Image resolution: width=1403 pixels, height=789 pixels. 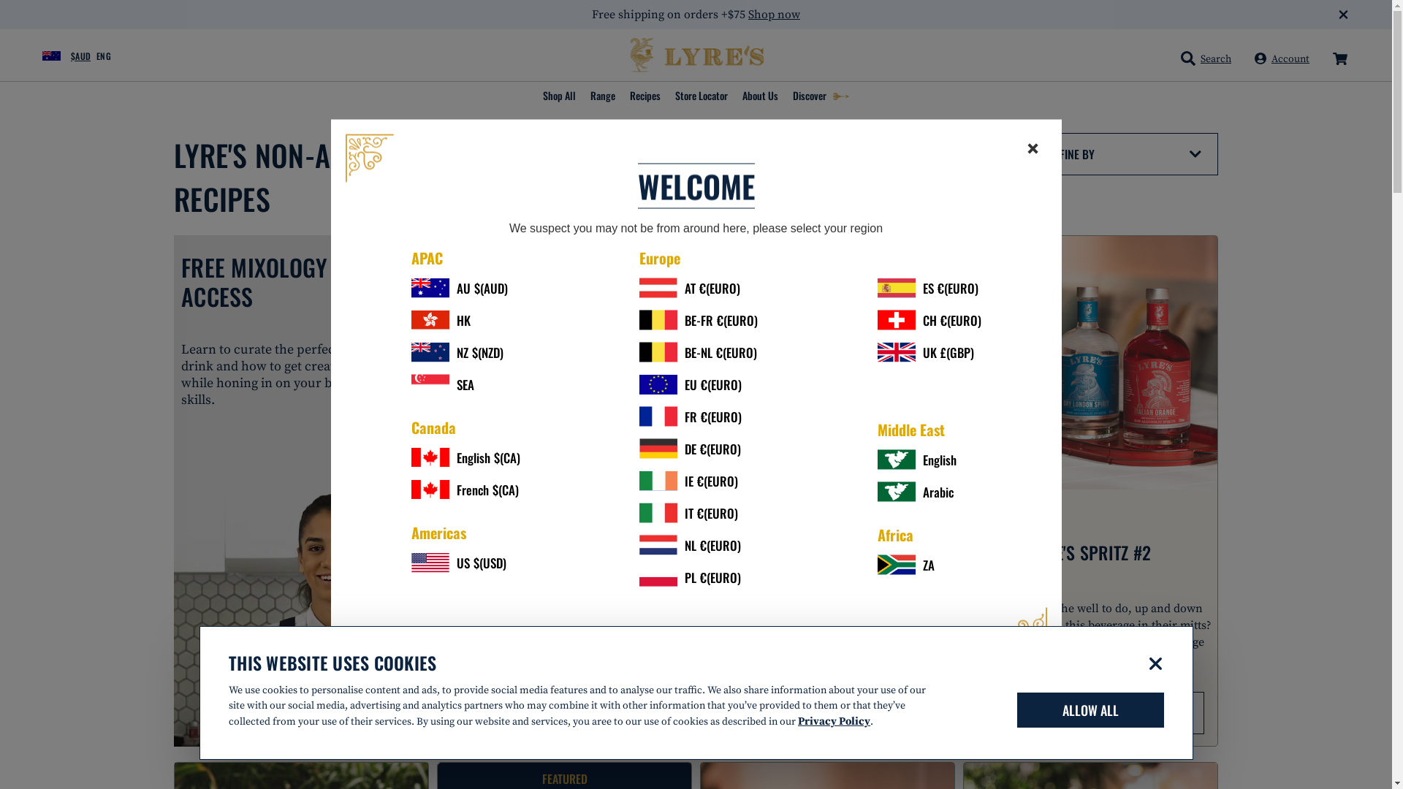 I want to click on 'HK', so click(x=464, y=319).